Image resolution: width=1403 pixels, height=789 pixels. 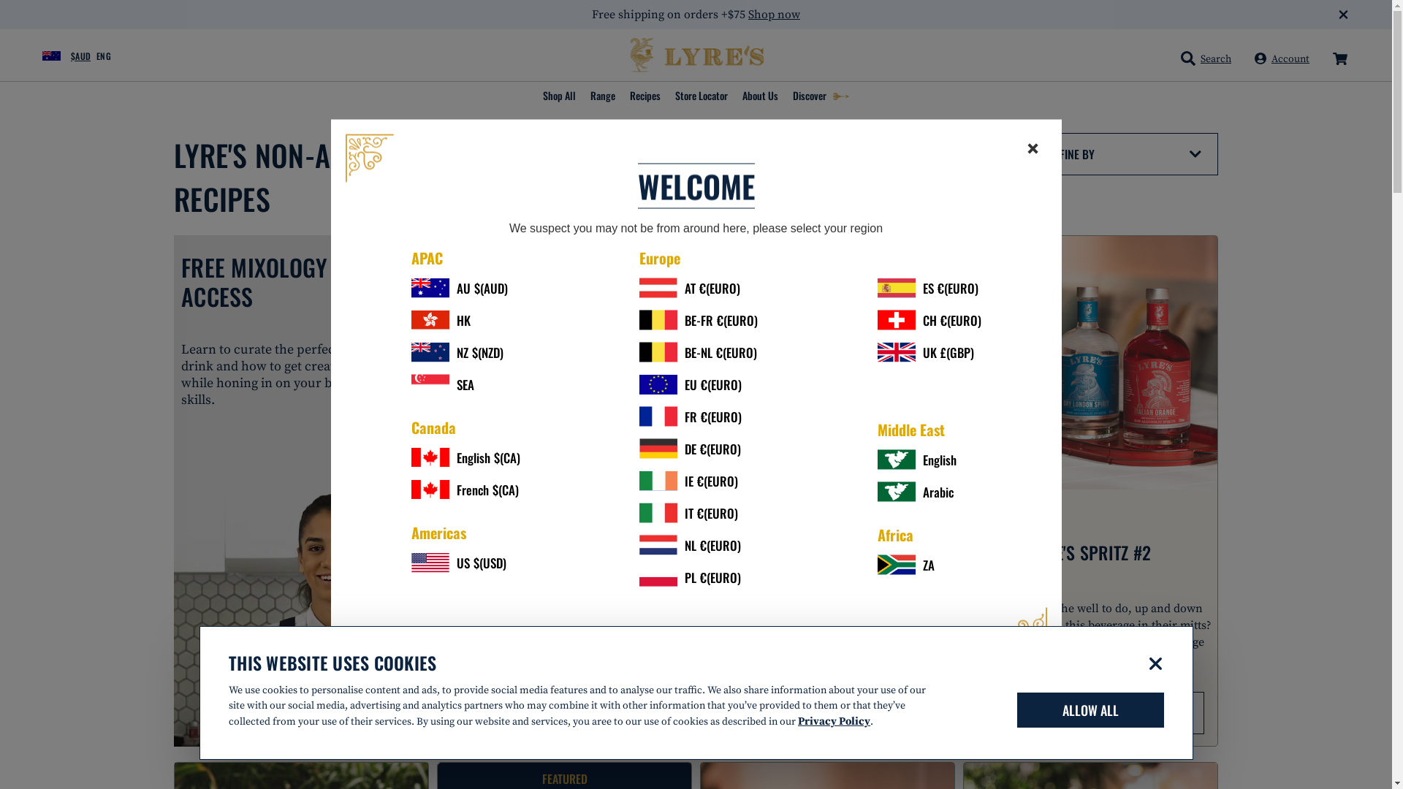 I want to click on 'HK', so click(x=464, y=319).